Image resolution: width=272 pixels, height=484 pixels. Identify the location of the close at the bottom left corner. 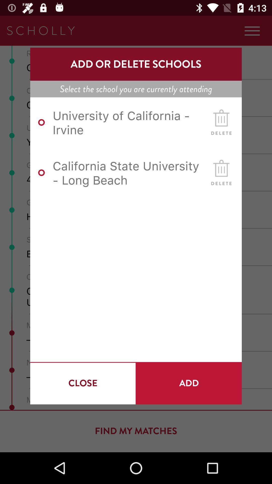
(83, 383).